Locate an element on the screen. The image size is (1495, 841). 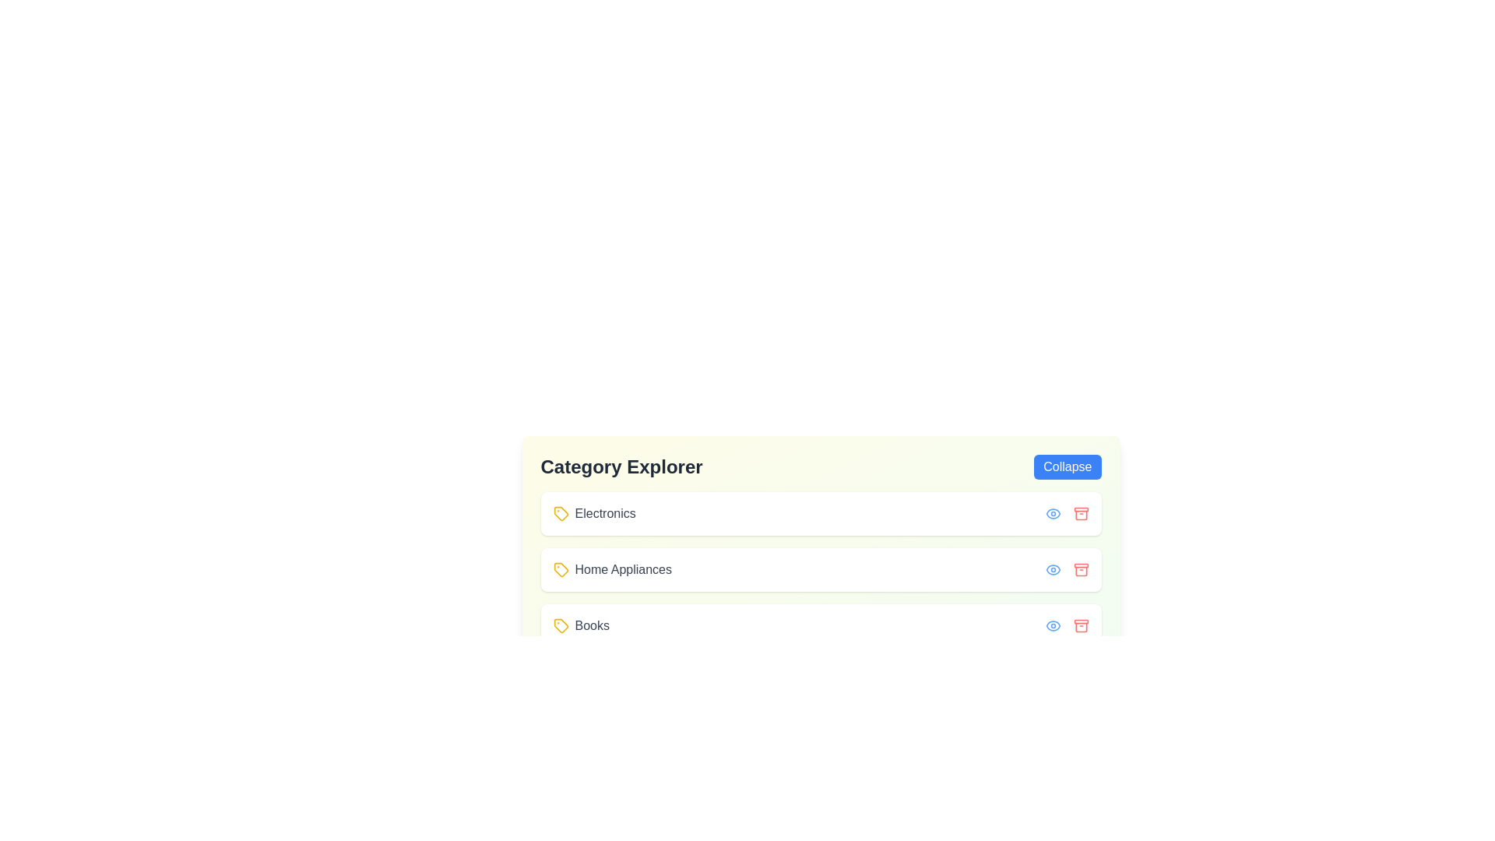
the eye-shaped icon button located in the Electronics category section is located at coordinates (1053, 513).